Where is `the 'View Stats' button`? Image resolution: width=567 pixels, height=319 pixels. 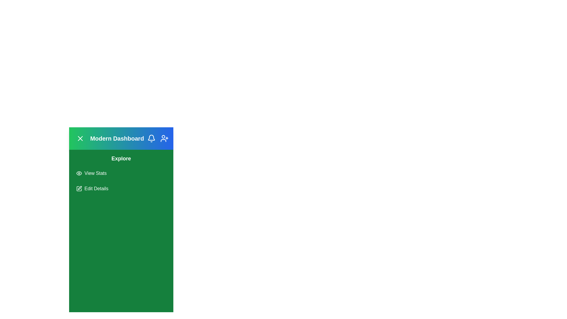 the 'View Stats' button is located at coordinates (91, 173).